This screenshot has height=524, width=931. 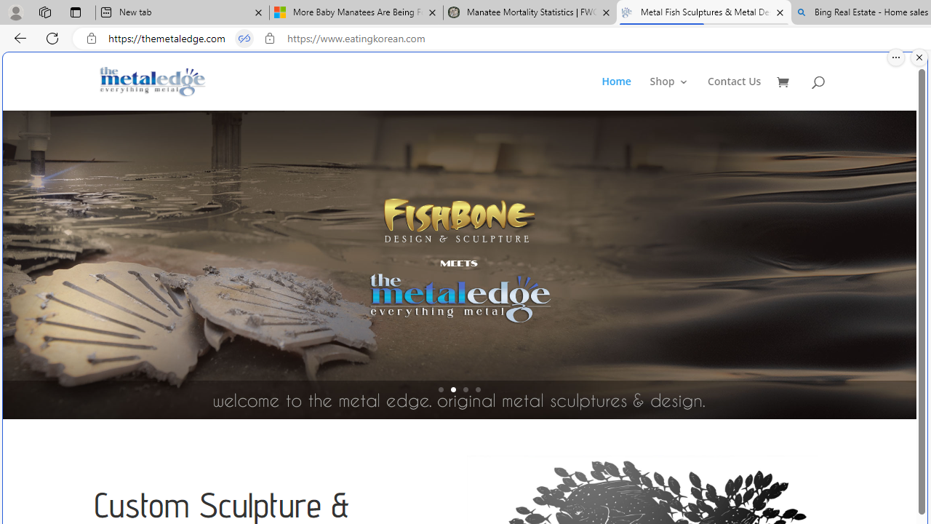 I want to click on '4', so click(x=478, y=389).